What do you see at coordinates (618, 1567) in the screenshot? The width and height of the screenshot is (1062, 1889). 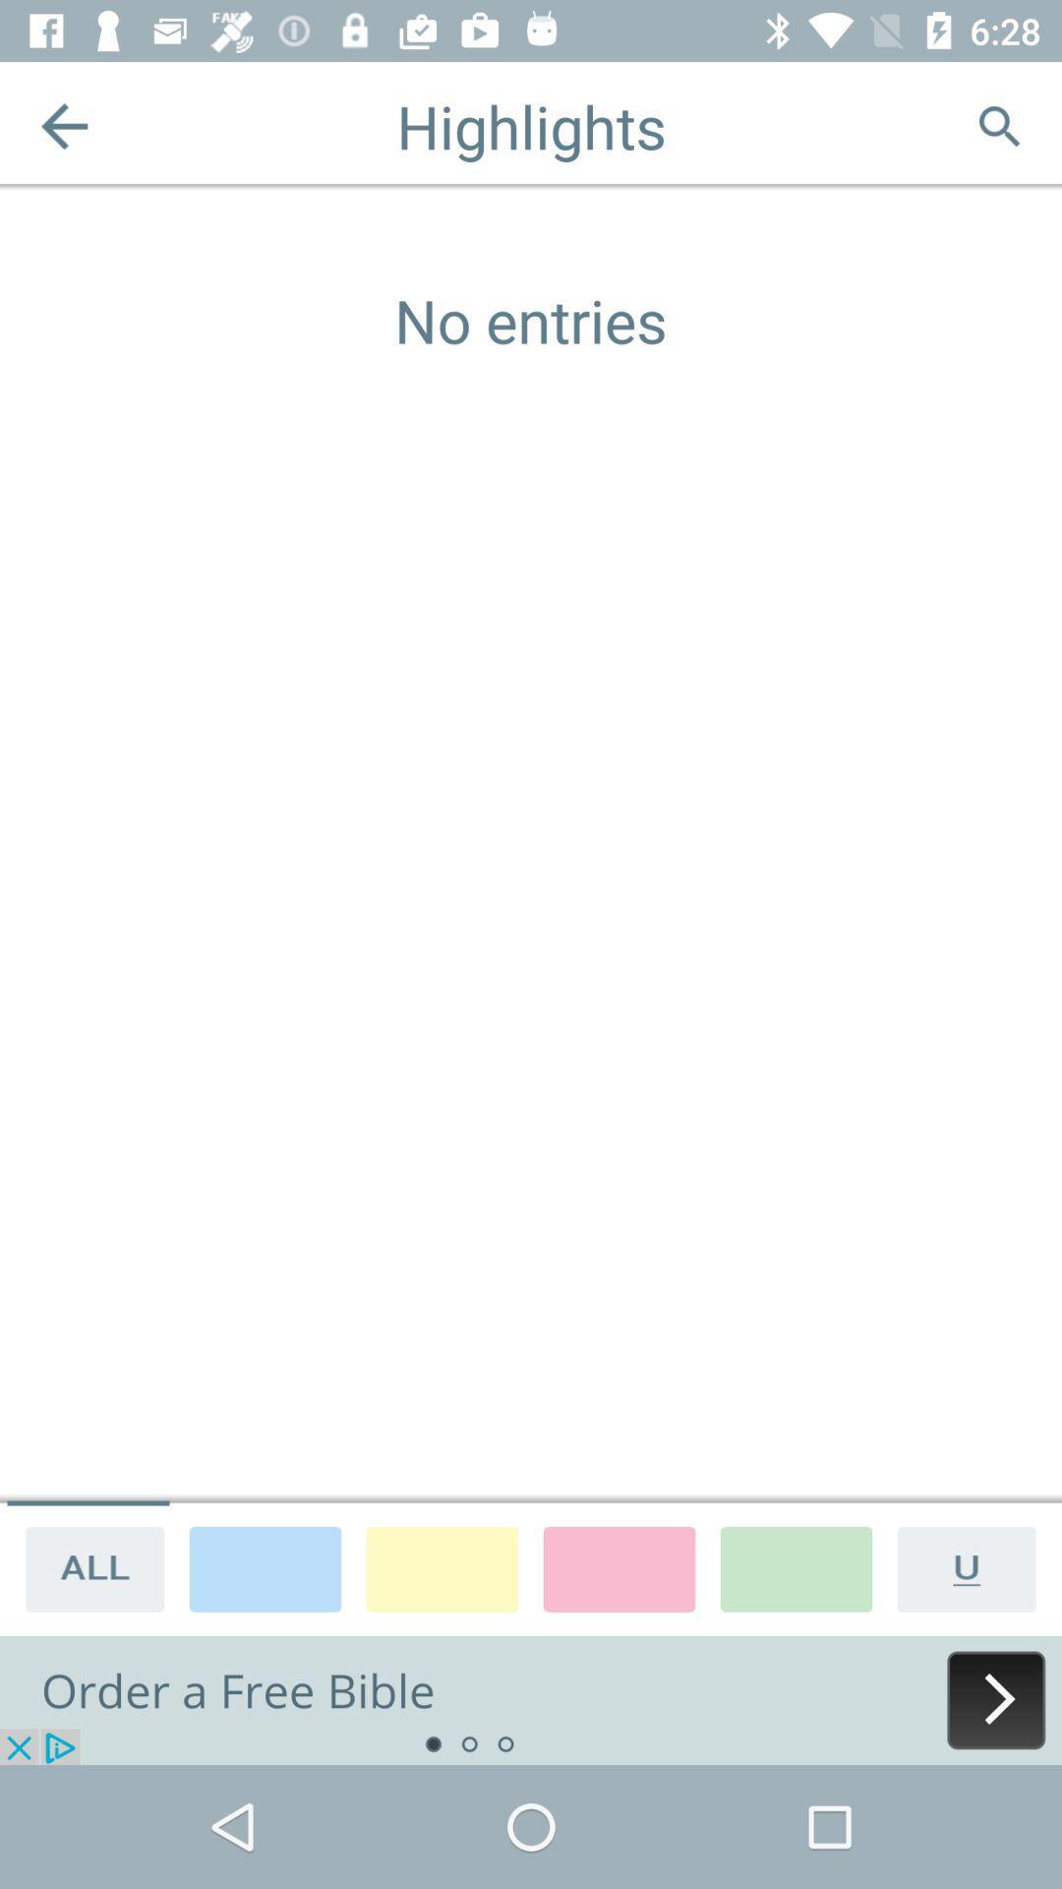 I see `pink color` at bounding box center [618, 1567].